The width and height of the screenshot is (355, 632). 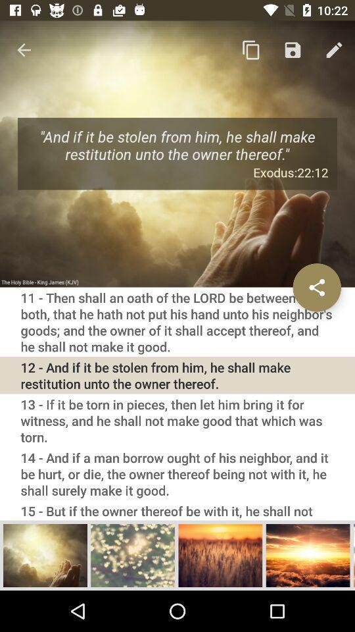 I want to click on click image, so click(x=45, y=554).